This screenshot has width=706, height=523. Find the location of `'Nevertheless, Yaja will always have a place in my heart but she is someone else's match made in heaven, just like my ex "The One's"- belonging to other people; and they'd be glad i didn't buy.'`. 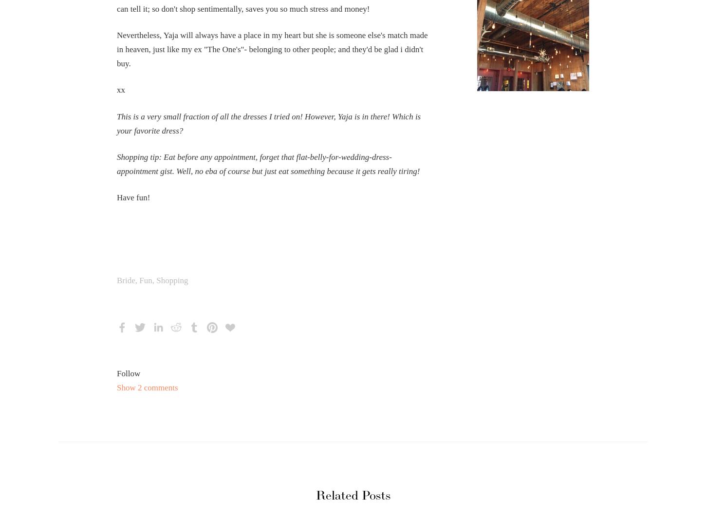

'Nevertheless, Yaja will always have a place in my heart but she is someone else's match made in heaven, just like my ex "The One's"- belonging to other people; and they'd be glad i didn't buy.' is located at coordinates (272, 49).